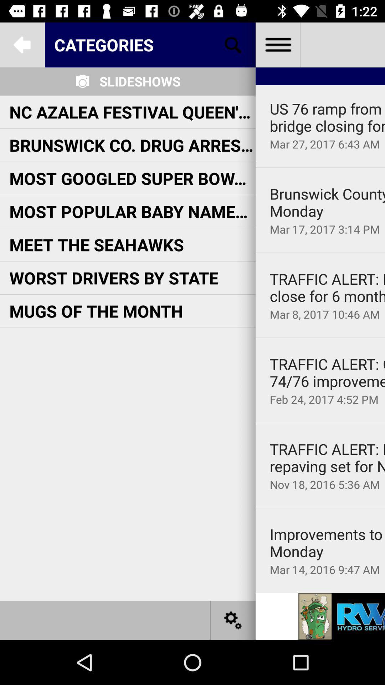  Describe the element at coordinates (22, 44) in the screenshot. I see `the arrow_backward icon` at that location.